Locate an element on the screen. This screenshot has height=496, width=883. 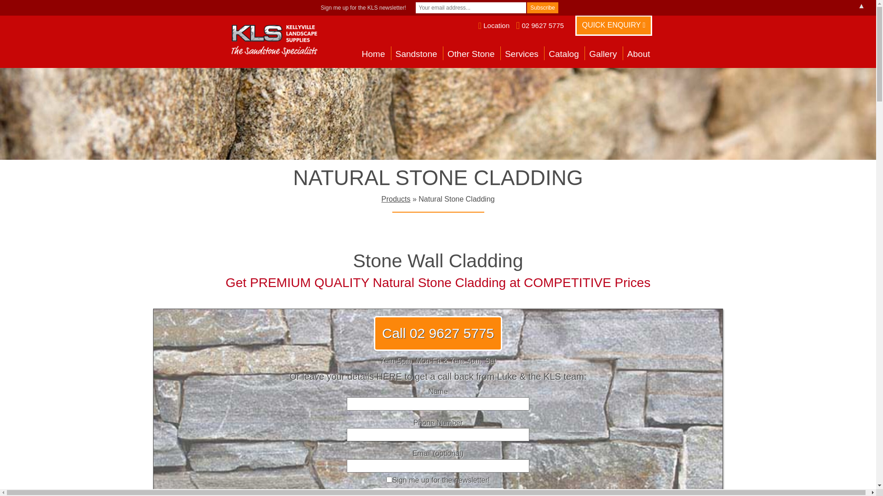
'Services' is located at coordinates (522, 55).